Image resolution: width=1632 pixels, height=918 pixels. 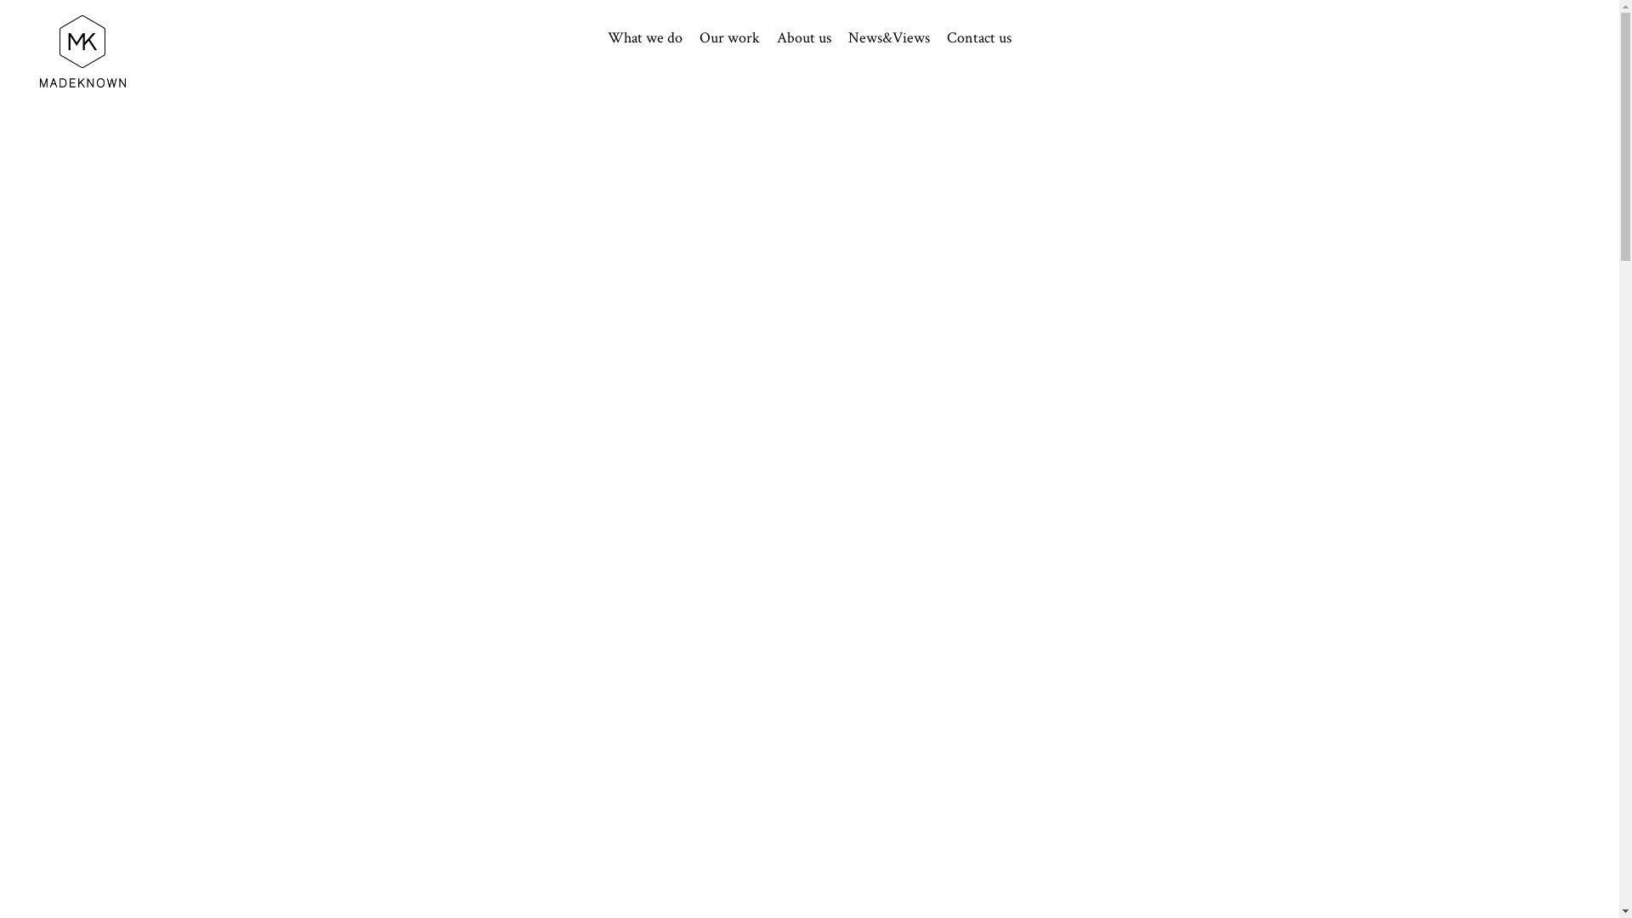 I want to click on 'About us', so click(x=775, y=38).